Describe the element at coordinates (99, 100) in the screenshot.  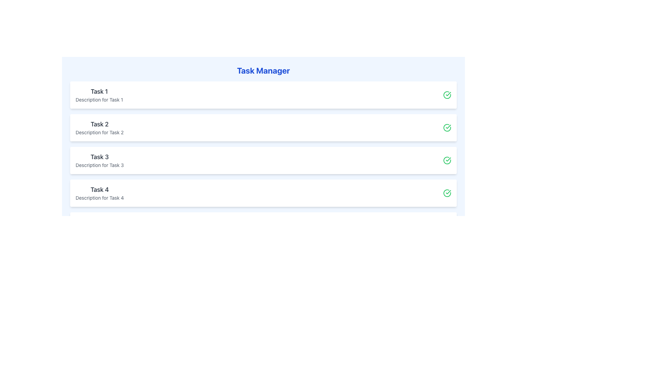
I see `the non-interactive informational Text Label that provides a brief description of 'Task 1', located below the 'Task 1' title` at that location.